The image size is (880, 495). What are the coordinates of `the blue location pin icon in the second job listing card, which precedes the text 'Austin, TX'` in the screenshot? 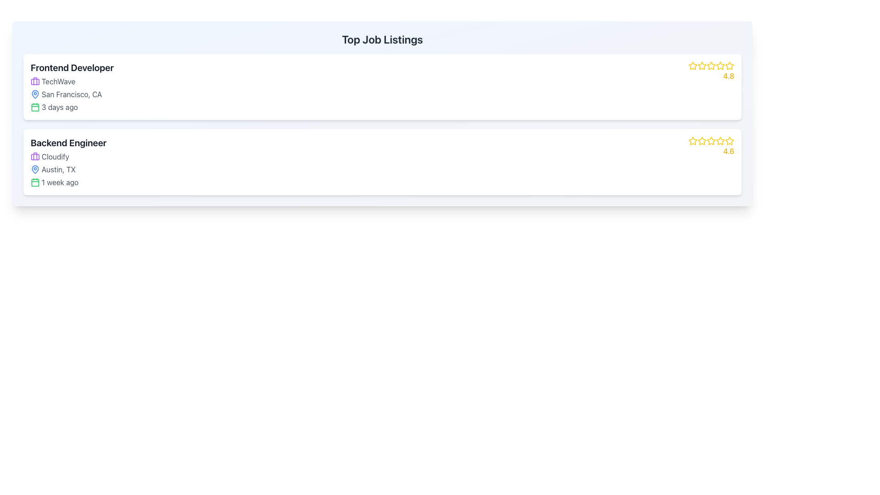 It's located at (35, 170).